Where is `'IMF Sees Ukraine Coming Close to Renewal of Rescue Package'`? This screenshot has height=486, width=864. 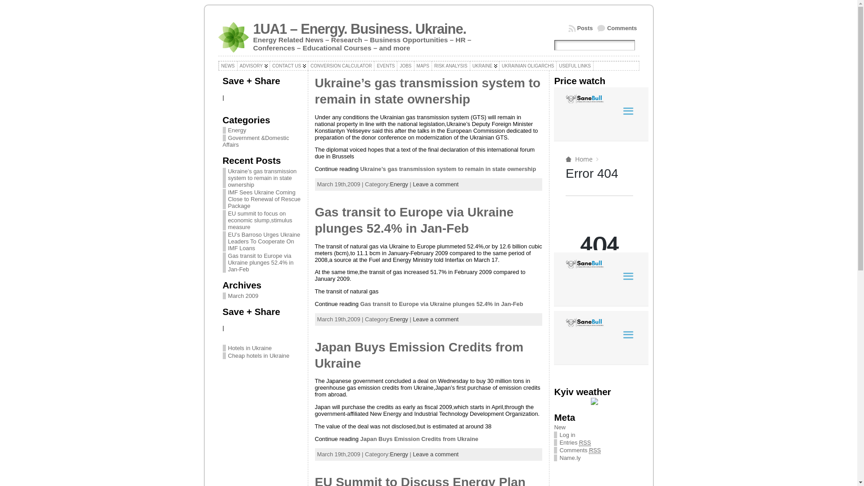 'IMF Sees Ukraine Coming Close to Renewal of Rescue Package' is located at coordinates (227, 198).